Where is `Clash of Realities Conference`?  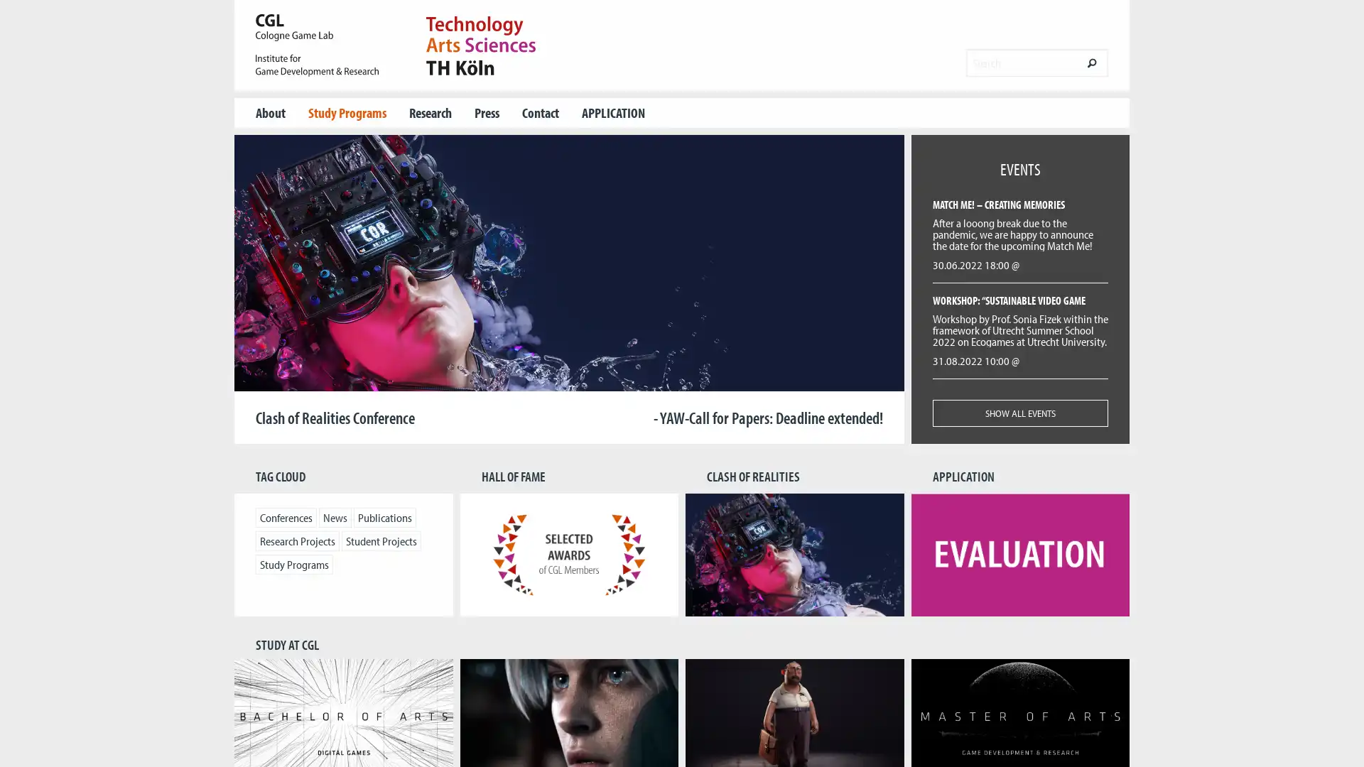
Clash of Realities Conference is located at coordinates (545, 379).